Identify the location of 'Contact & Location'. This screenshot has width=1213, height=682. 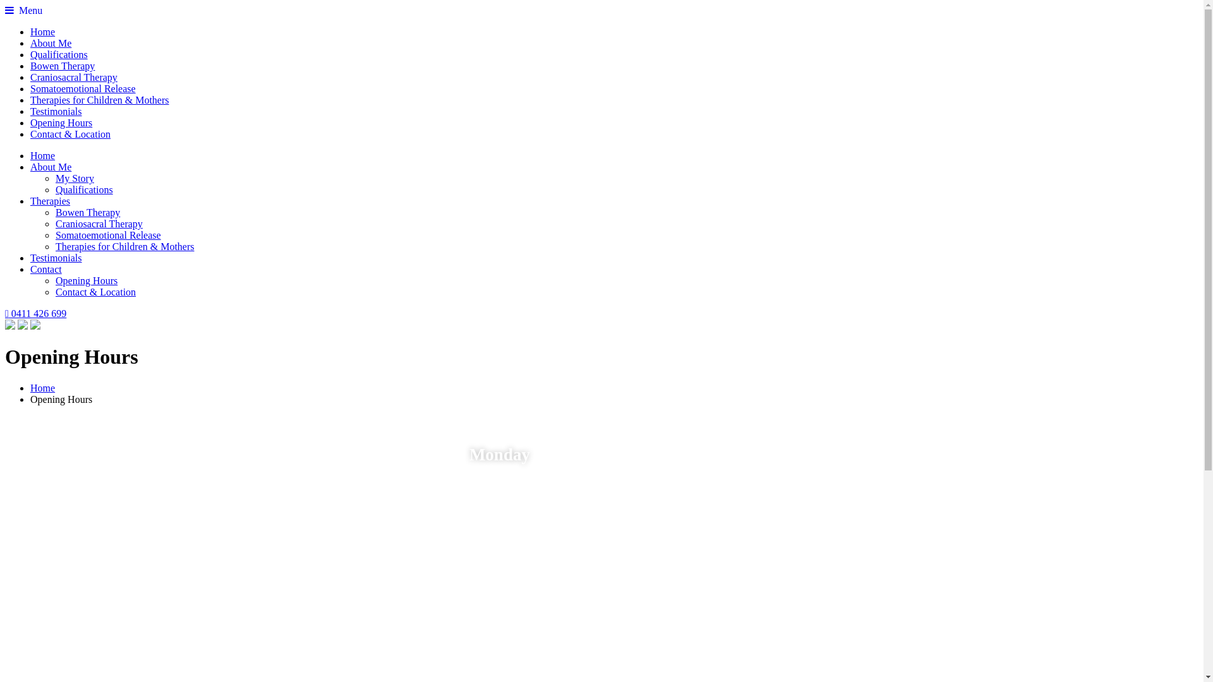
(95, 292).